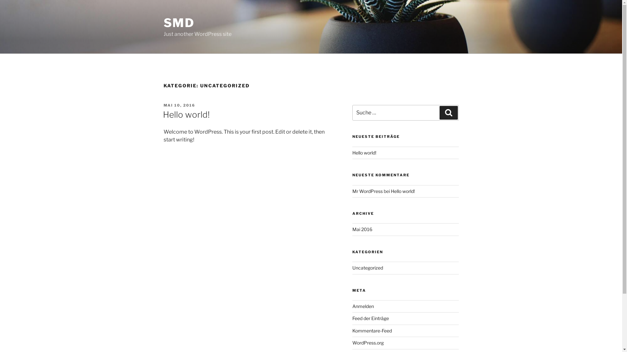 The height and width of the screenshot is (352, 627). Describe the element at coordinates (367, 191) in the screenshot. I see `'Mr WordPress'` at that location.